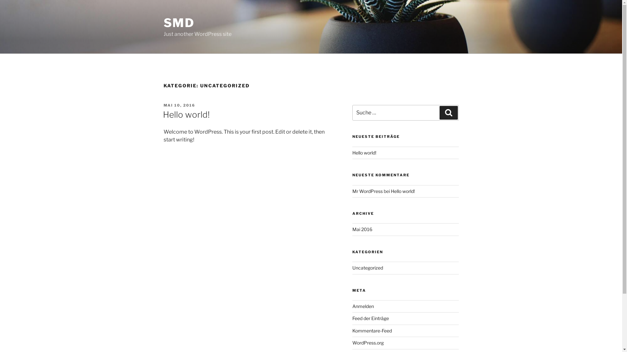 The height and width of the screenshot is (352, 627). Describe the element at coordinates (367, 191) in the screenshot. I see `'Mr WordPress'` at that location.